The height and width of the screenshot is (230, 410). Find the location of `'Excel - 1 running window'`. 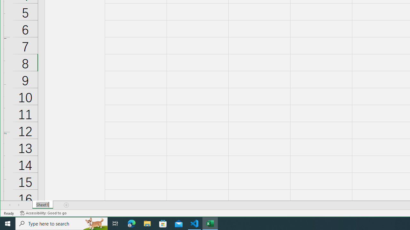

'Excel - 1 running window' is located at coordinates (210, 223).